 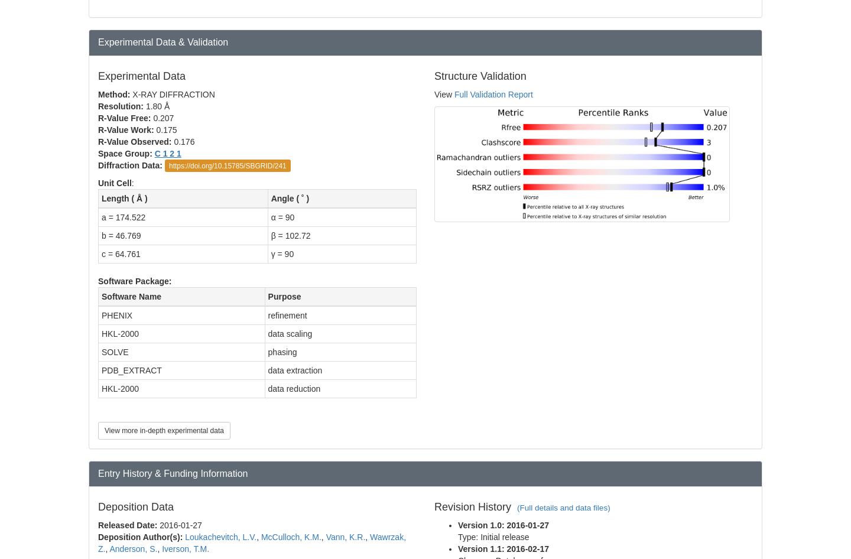 I want to click on '0.176', so click(x=185, y=140).